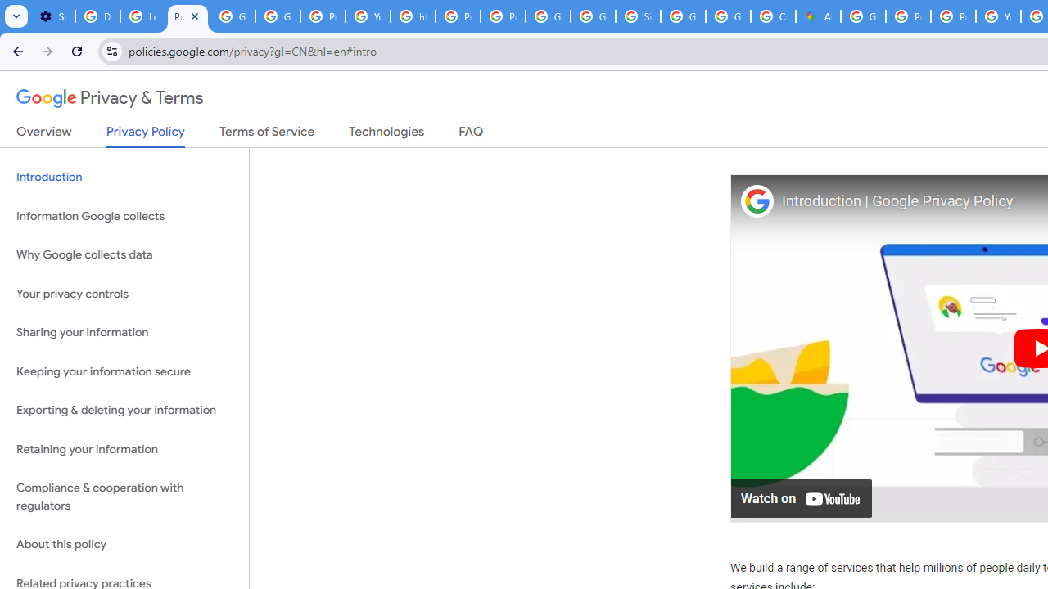  What do you see at coordinates (142, 16) in the screenshot?
I see `'Learn how to find your photos - Google Photos Help'` at bounding box center [142, 16].